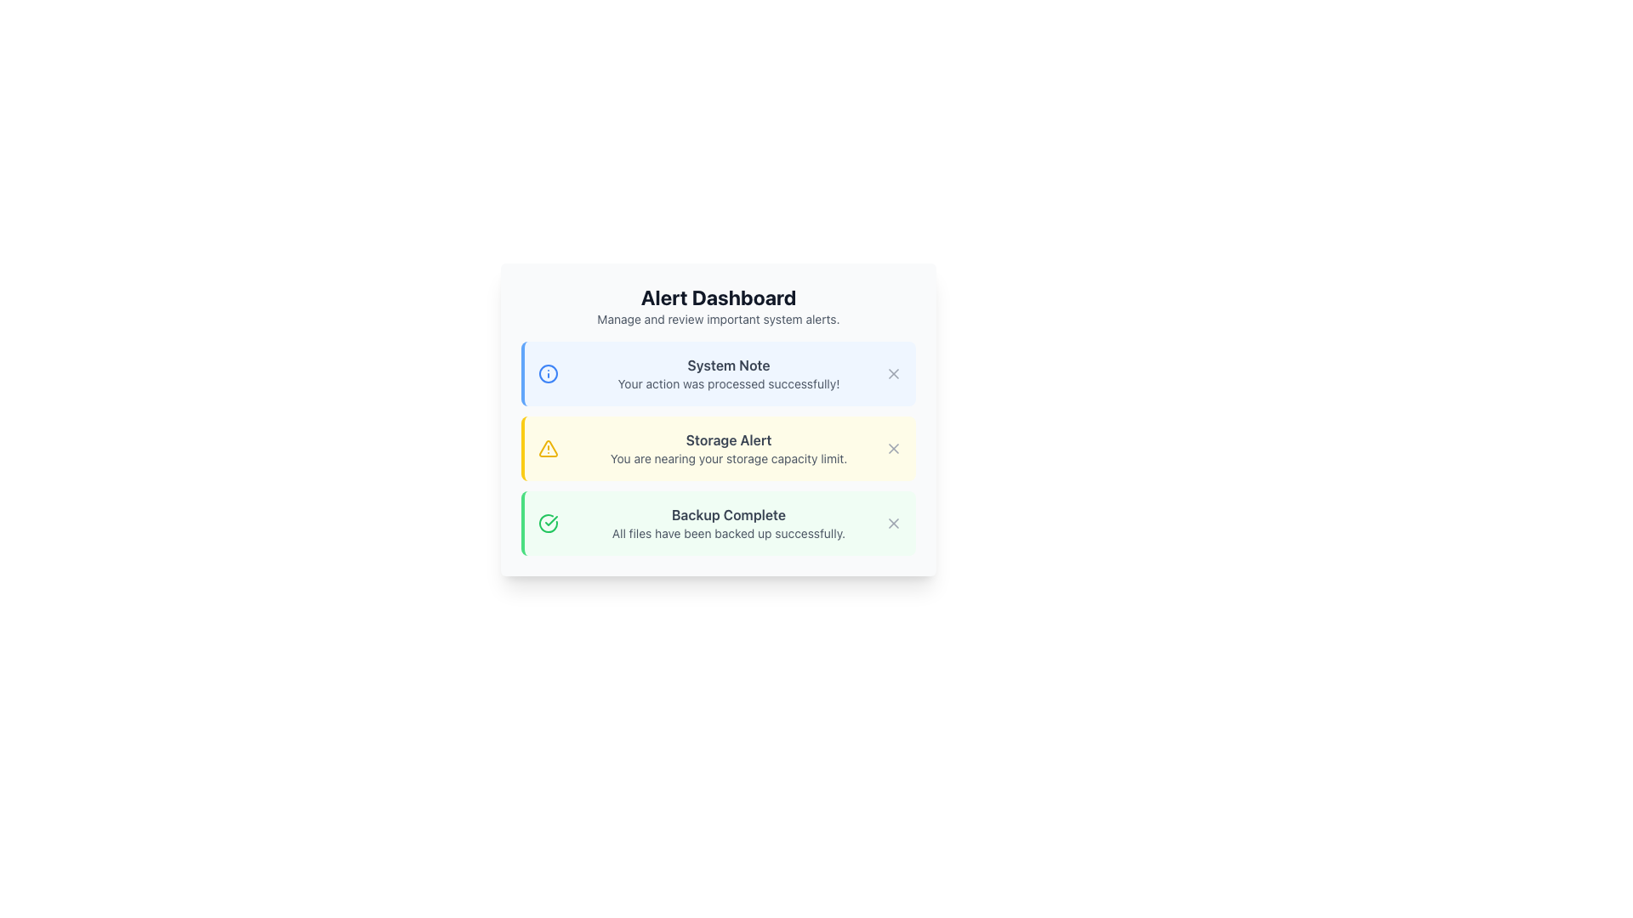  What do you see at coordinates (729, 364) in the screenshot?
I see `displayed text from the bold text label 'System Note' inside the blue notification card in the dashboard` at bounding box center [729, 364].